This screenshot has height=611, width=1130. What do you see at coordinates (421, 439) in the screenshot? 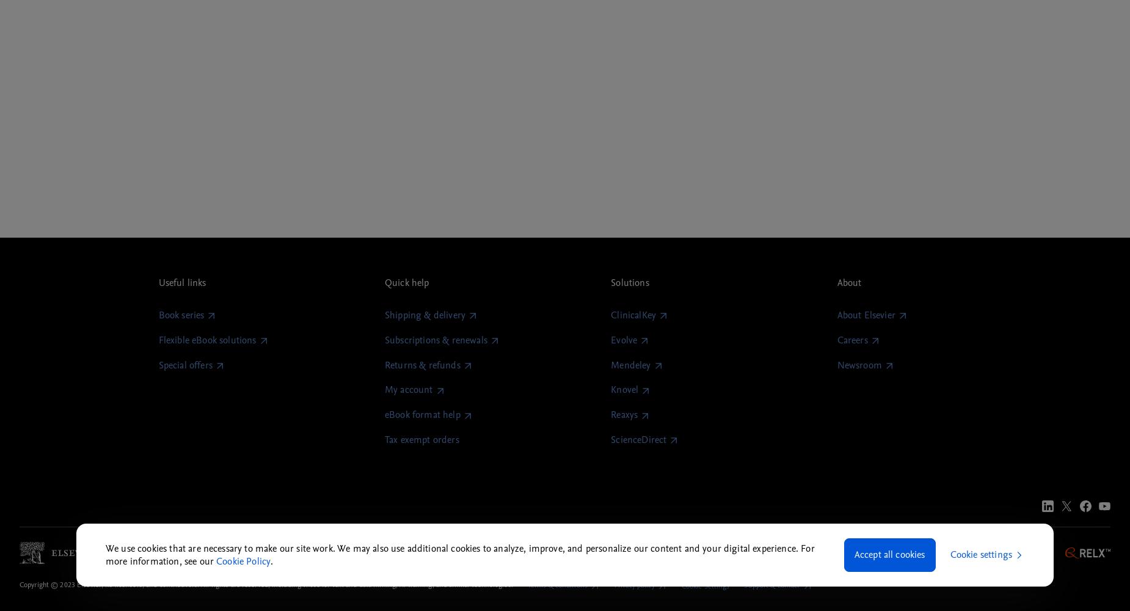
I see `'Tax exempt orders'` at bounding box center [421, 439].